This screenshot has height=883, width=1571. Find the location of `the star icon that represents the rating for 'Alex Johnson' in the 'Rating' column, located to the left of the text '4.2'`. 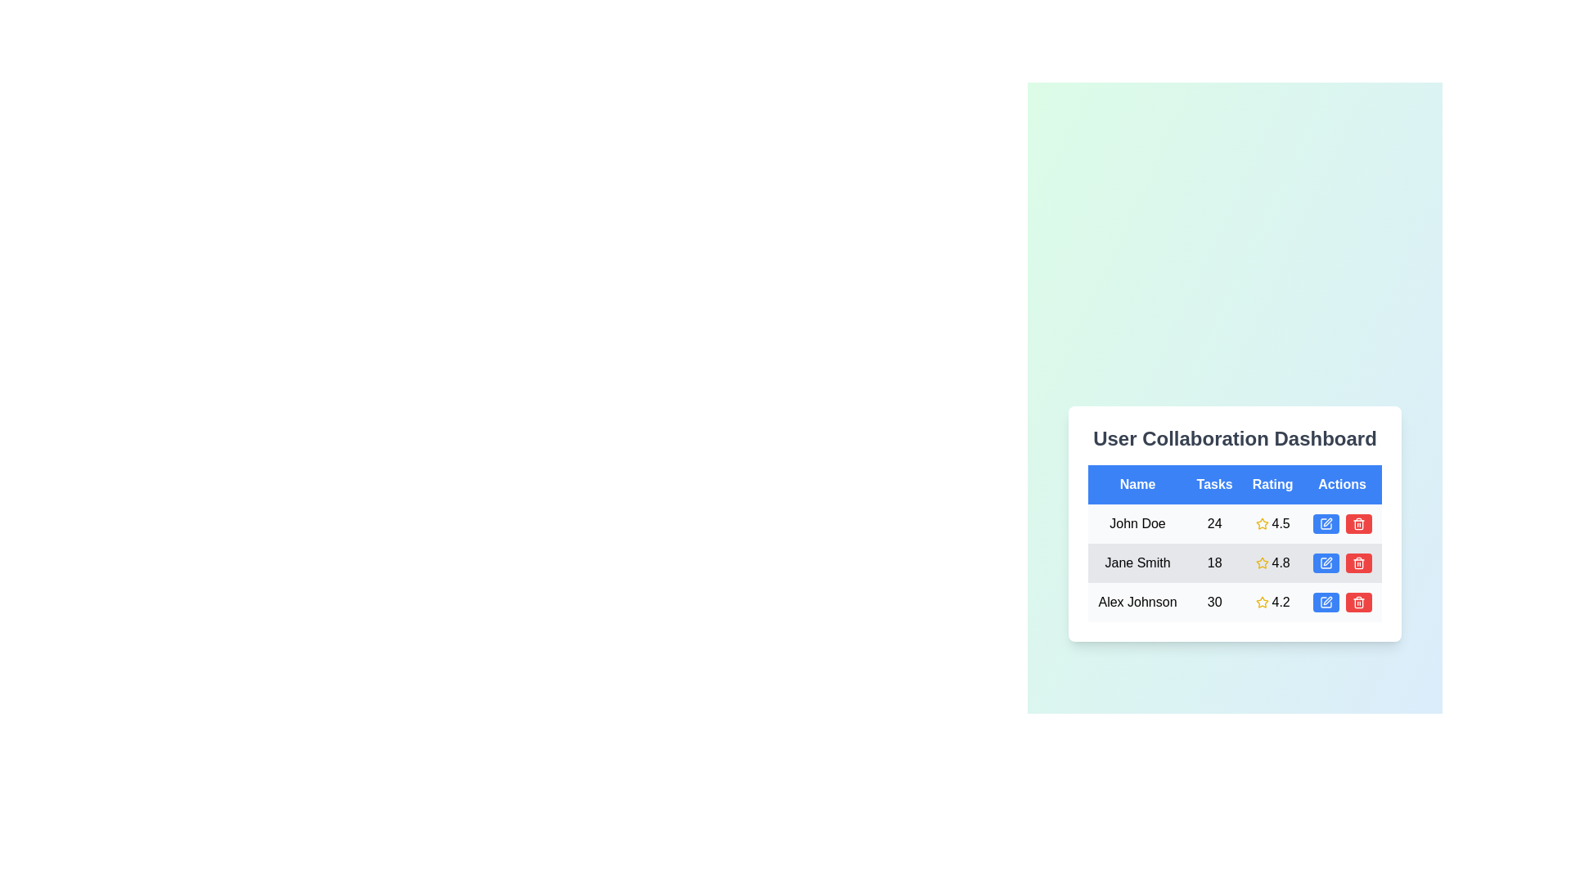

the star icon that represents the rating for 'Alex Johnson' in the 'Rating' column, located to the left of the text '4.2' is located at coordinates (1261, 602).